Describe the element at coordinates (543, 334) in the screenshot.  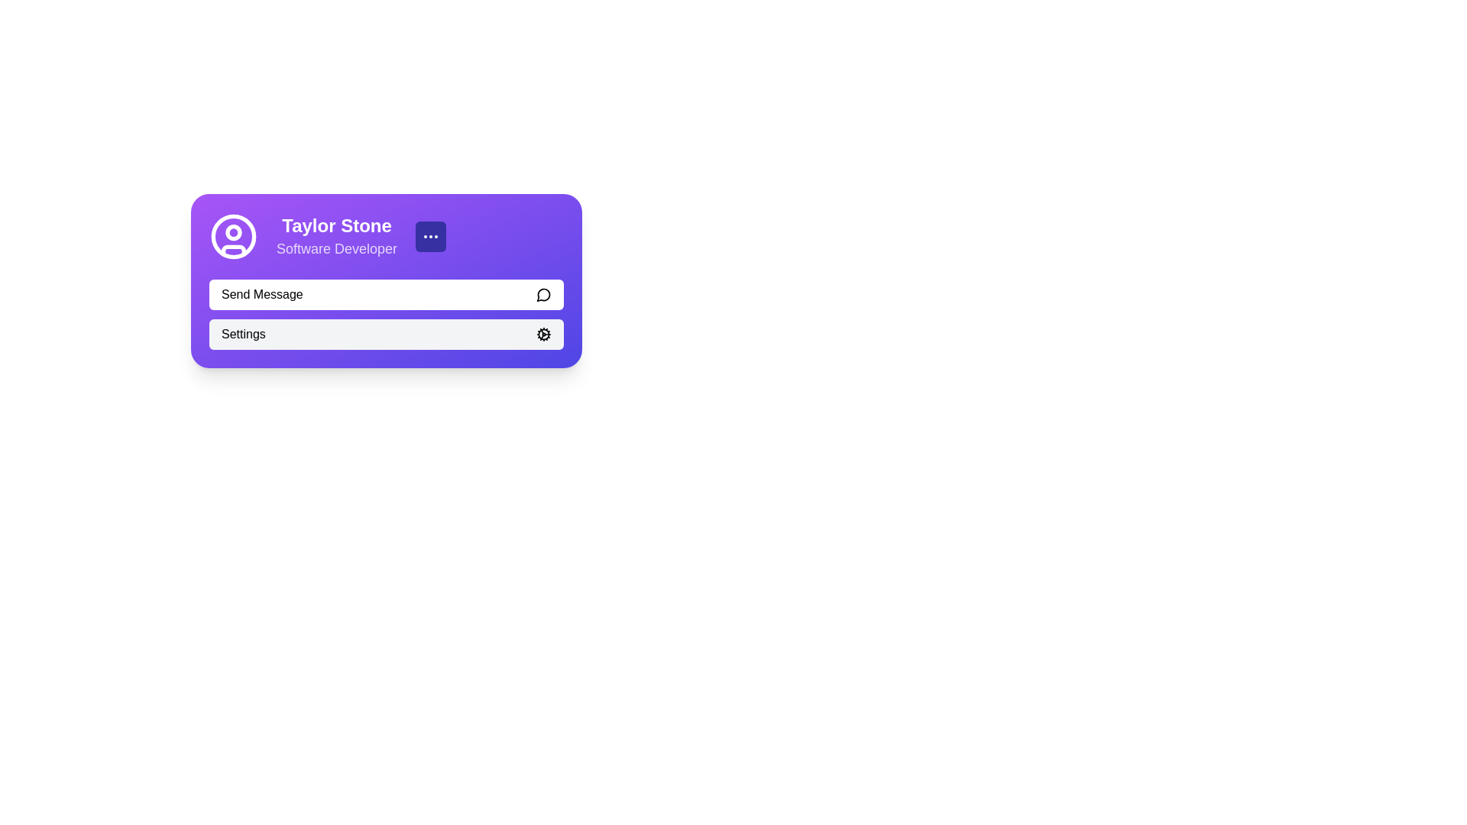
I see `the cogwheel icon that is styled with a minimalistic flat design and located adjacent to the 'Settings' label within a light gray button` at that location.